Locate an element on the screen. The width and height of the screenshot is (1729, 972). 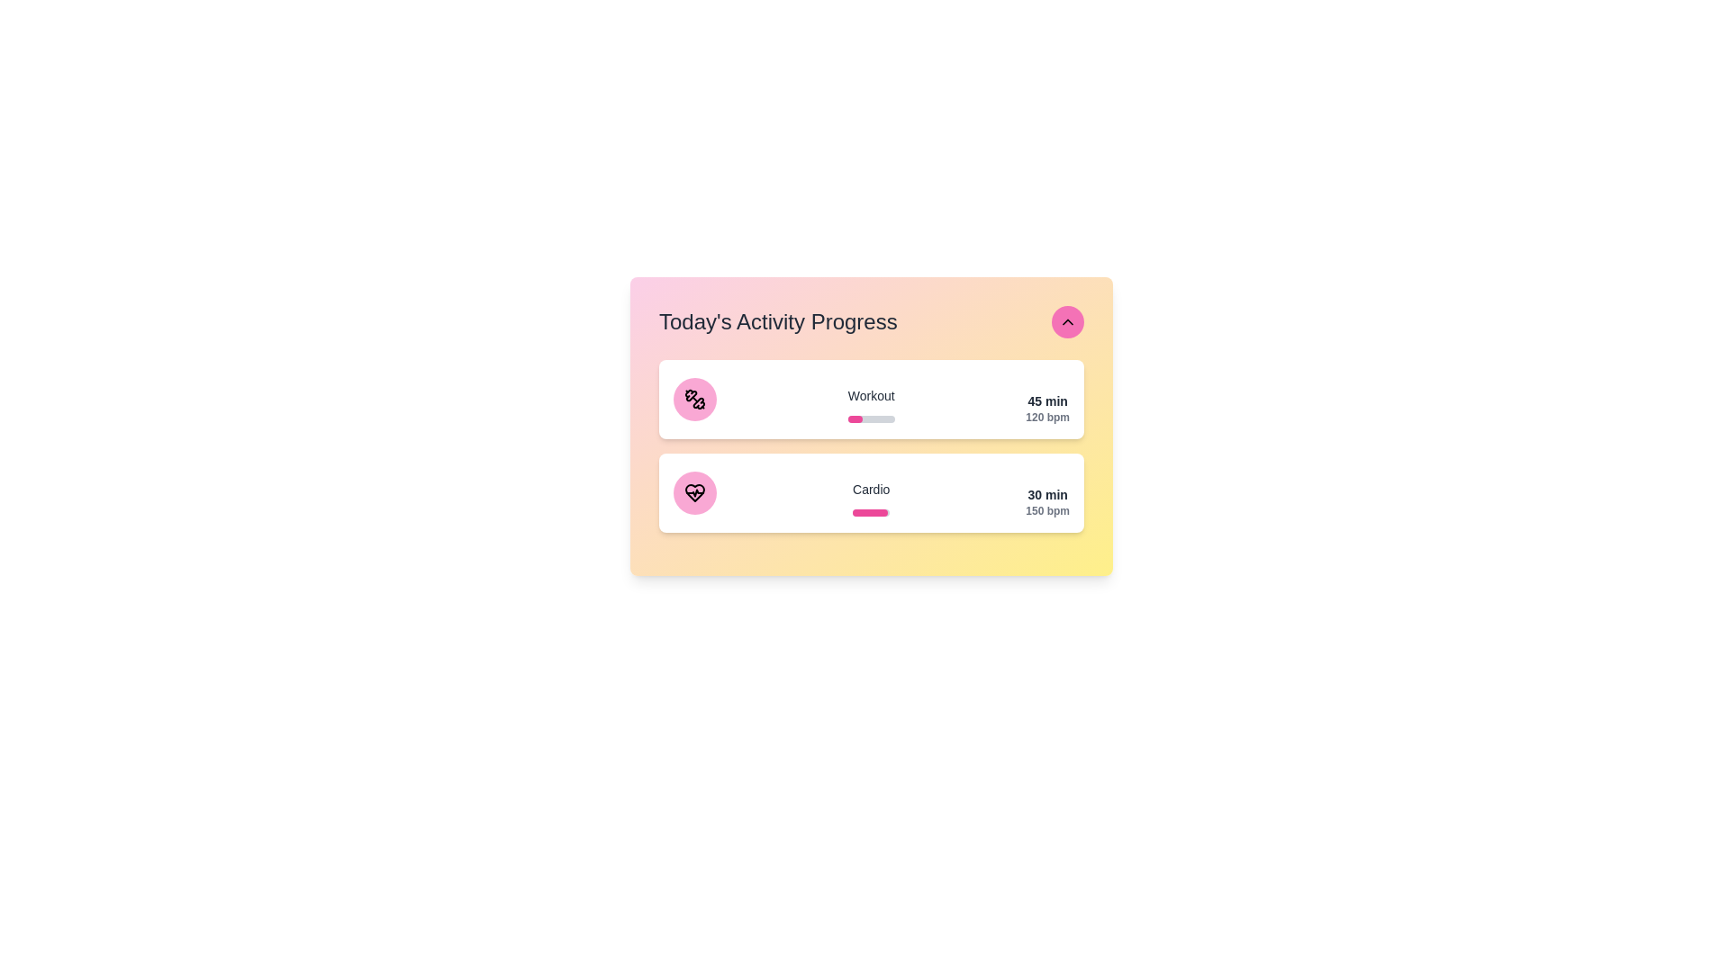
the circular icon with a pink background and black dumbbell symbol located in the top-left corner of the 'Today's Activity Progress' section, to the left of the 'Workout' text is located at coordinates (694, 398).